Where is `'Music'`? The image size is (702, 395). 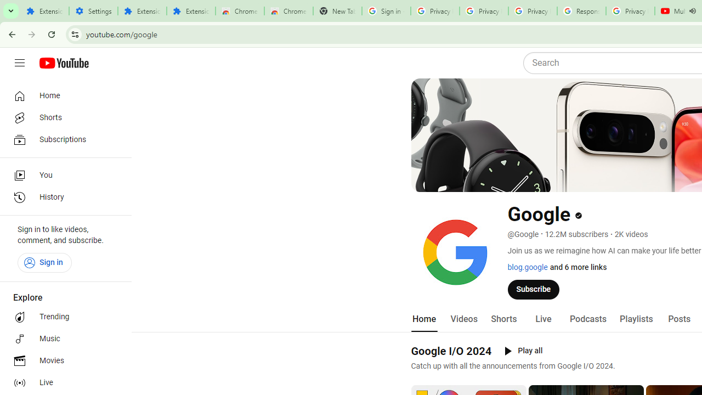
'Music' is located at coordinates (61, 338).